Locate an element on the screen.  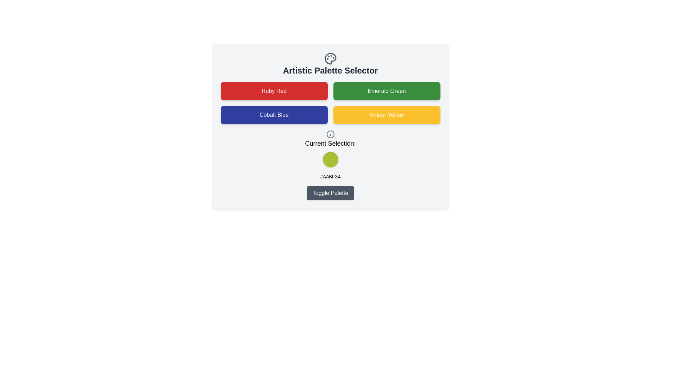
static text displaying the hex code of the currently selected color, which is centrally aligned beneath the circular color swatch and above the 'Toggle Palette' button is located at coordinates (330, 176).